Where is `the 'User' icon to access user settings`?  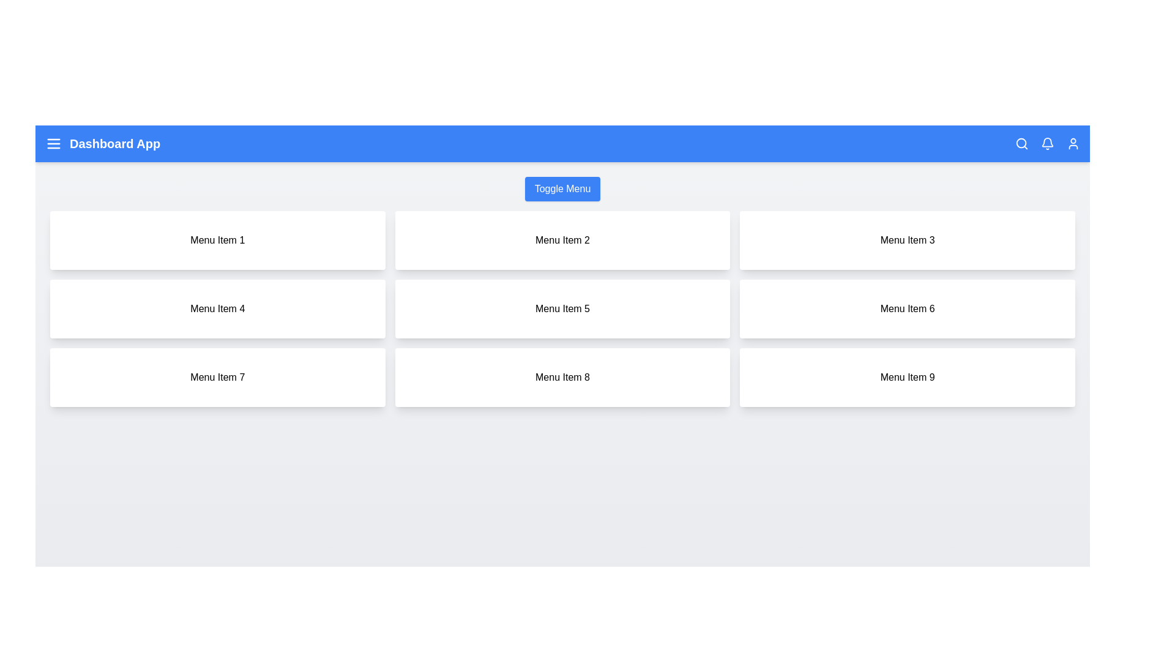 the 'User' icon to access user settings is located at coordinates (1072, 143).